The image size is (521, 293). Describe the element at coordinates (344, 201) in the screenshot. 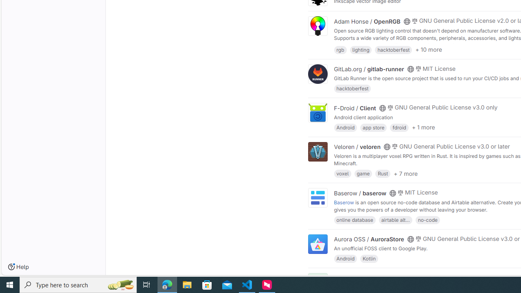

I see `'Baserow'` at that location.